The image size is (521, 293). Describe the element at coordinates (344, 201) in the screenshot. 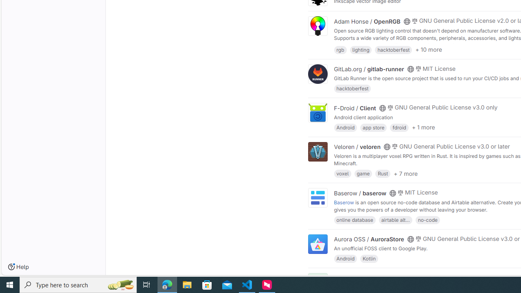

I see `'Baserow'` at that location.